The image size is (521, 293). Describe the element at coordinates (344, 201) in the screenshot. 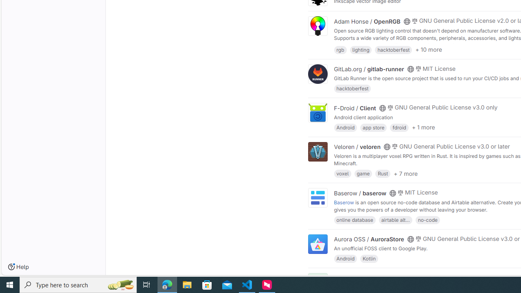

I see `'Baserow'` at that location.